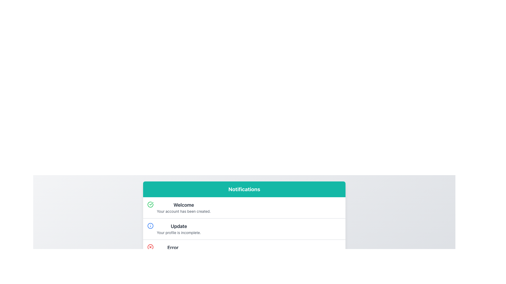 The height and width of the screenshot is (284, 506). What do you see at coordinates (150, 204) in the screenshot?
I see `the visual indicator icon located to the immediate left of the 'Welcome' title in the first notification item` at bounding box center [150, 204].